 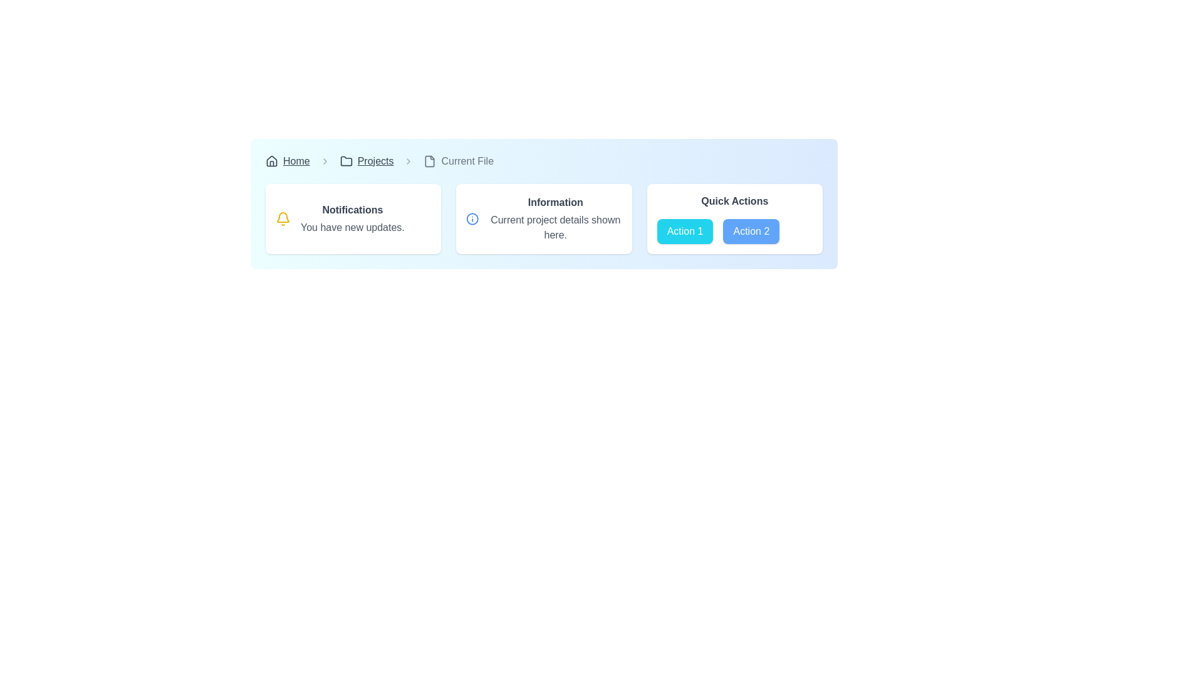 I want to click on the 'Projects' breadcrumb link with an associated icon, so click(x=366, y=161).